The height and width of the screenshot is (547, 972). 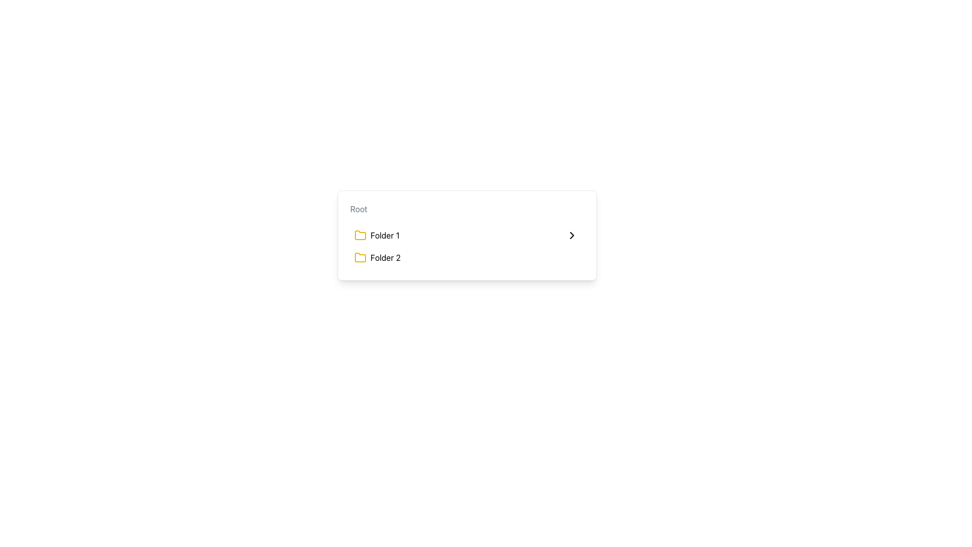 What do you see at coordinates (360, 236) in the screenshot?
I see `the folder icon located at the leftmost position in the 'Folder 1' row of the navigation UI` at bounding box center [360, 236].